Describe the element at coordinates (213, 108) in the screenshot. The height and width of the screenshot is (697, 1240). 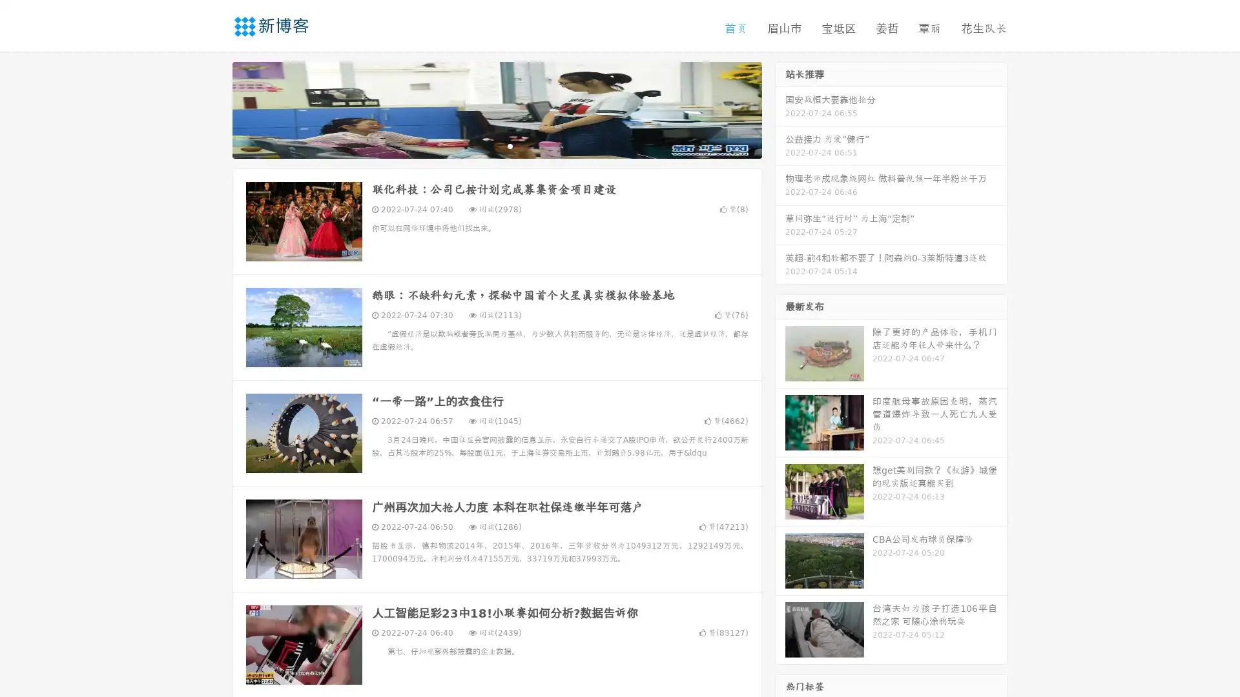
I see `Previous slide` at that location.